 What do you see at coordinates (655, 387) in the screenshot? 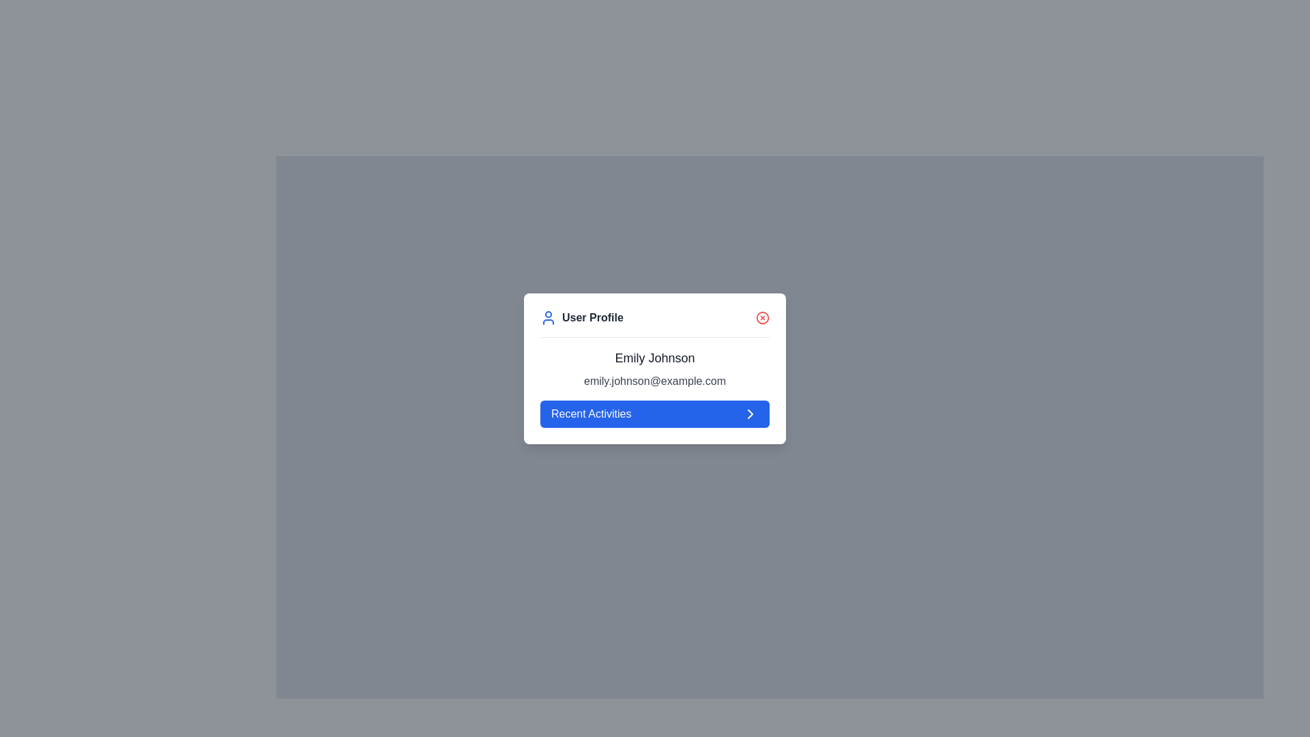
I see `text displayed in the Text block containing the name 'Emily Johnson' and the email 'emily.johnson@example.com', which is located within the User Profile card` at bounding box center [655, 387].